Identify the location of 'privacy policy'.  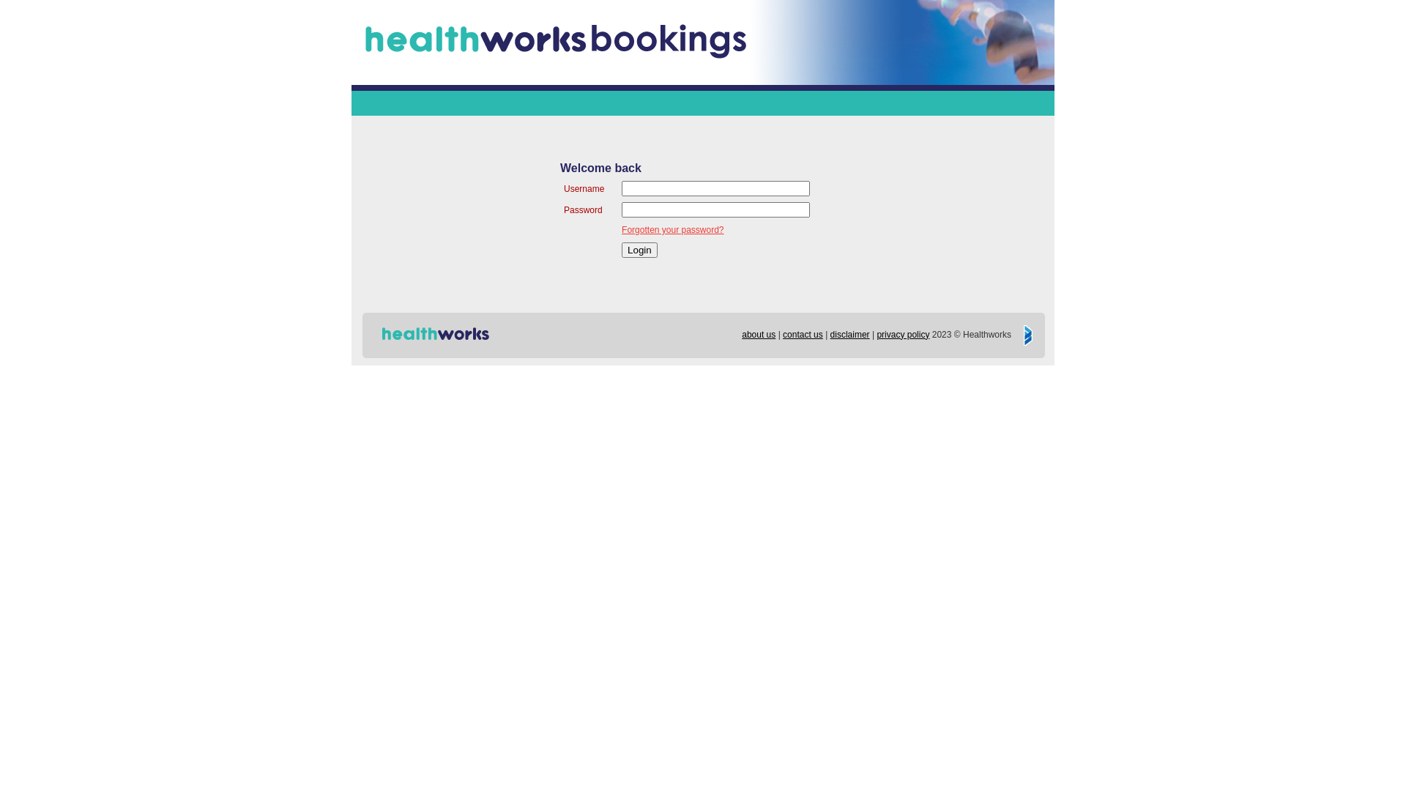
(876, 334).